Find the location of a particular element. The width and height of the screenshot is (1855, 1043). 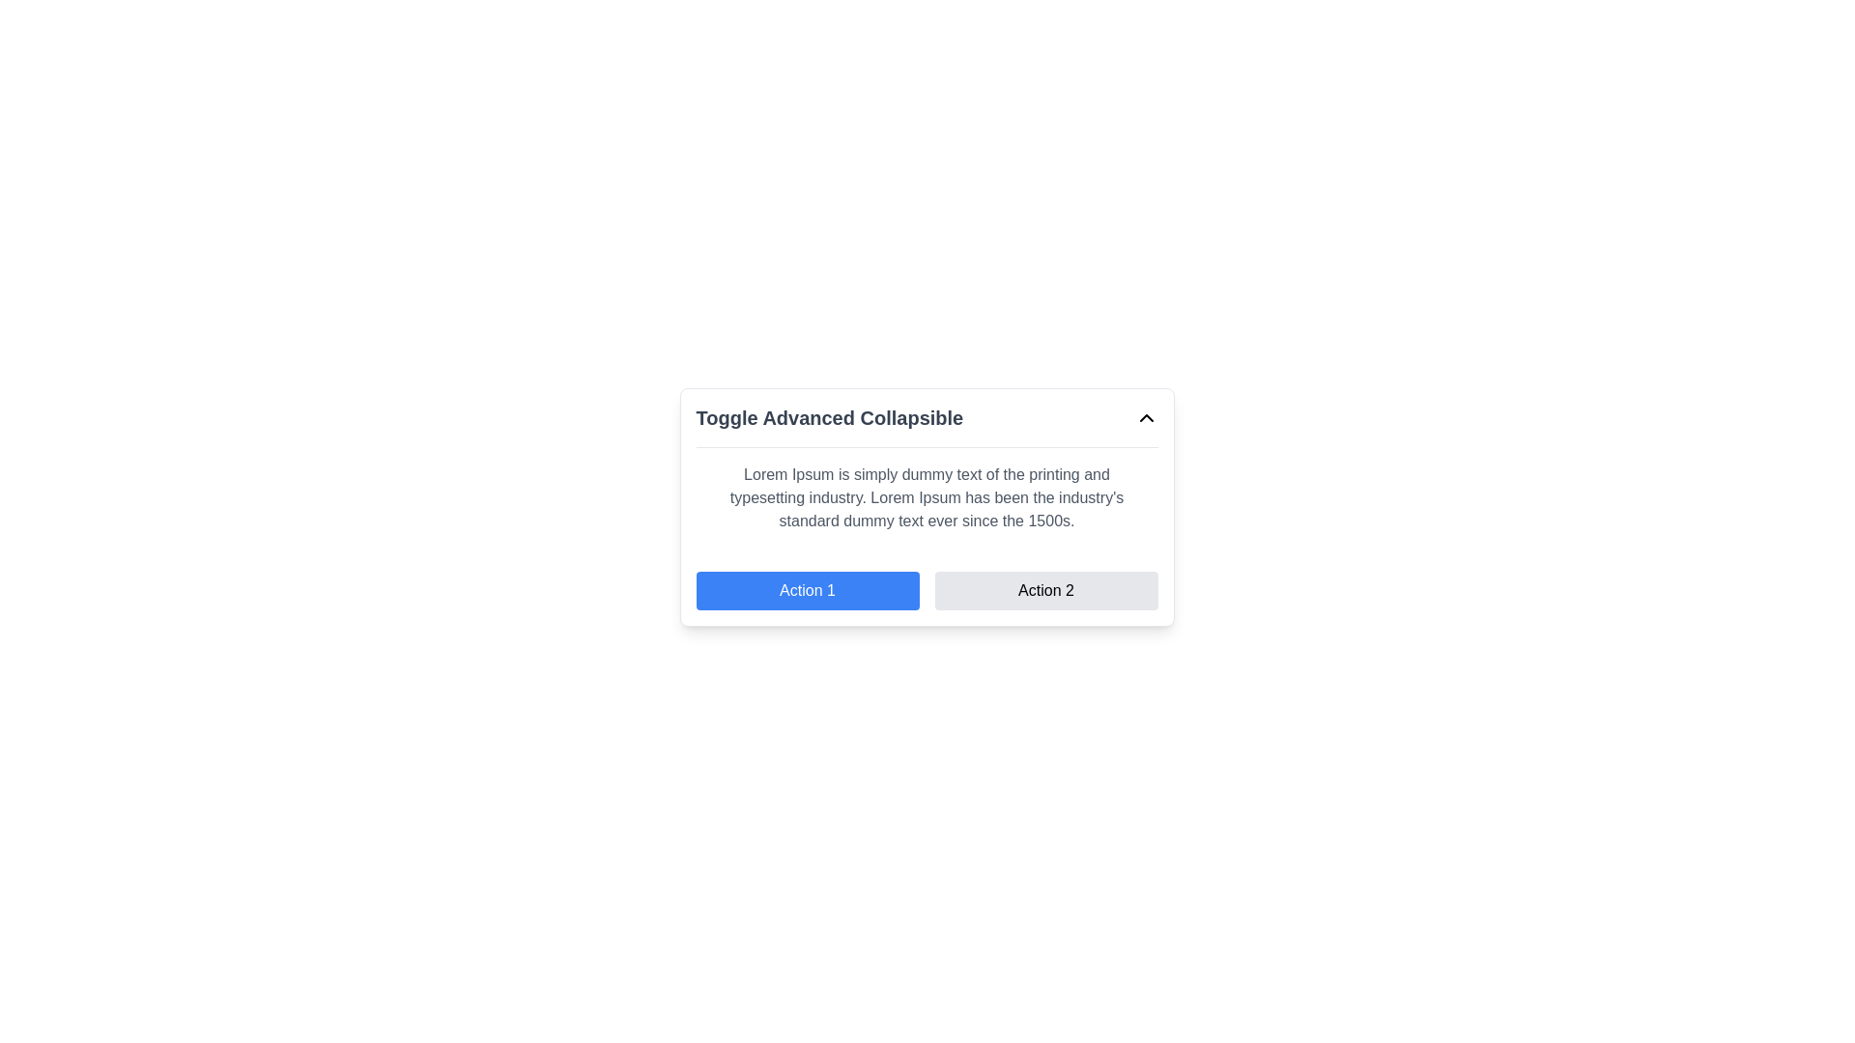

the 'Action 2' button located to the right of the 'Action 1' button at the bottom of the 'Toggle Advanced Collapsible' menu is located at coordinates (1045, 590).